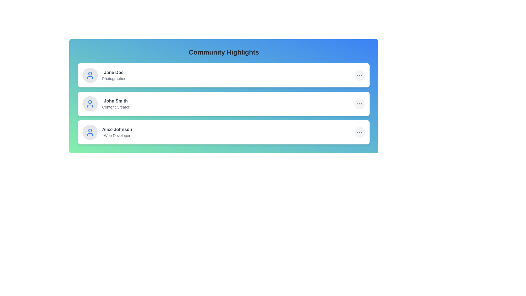  Describe the element at coordinates (224, 132) in the screenshot. I see `the user profile card for 'Alice Johnson', which is the third card in a vertical list of user profile cards` at that location.